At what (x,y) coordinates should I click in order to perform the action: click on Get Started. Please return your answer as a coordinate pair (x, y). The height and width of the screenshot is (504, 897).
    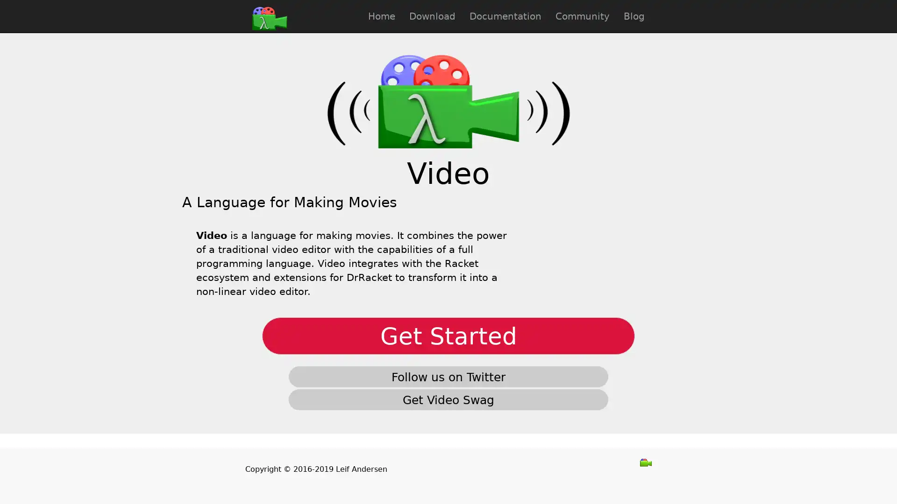
    Looking at the image, I should click on (448, 336).